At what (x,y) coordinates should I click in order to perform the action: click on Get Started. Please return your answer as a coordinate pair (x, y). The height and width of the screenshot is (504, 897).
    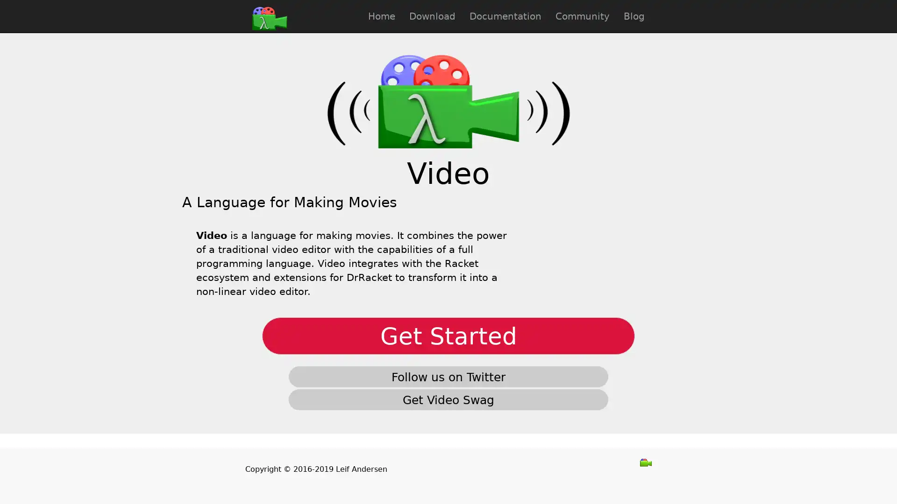
    Looking at the image, I should click on (448, 336).